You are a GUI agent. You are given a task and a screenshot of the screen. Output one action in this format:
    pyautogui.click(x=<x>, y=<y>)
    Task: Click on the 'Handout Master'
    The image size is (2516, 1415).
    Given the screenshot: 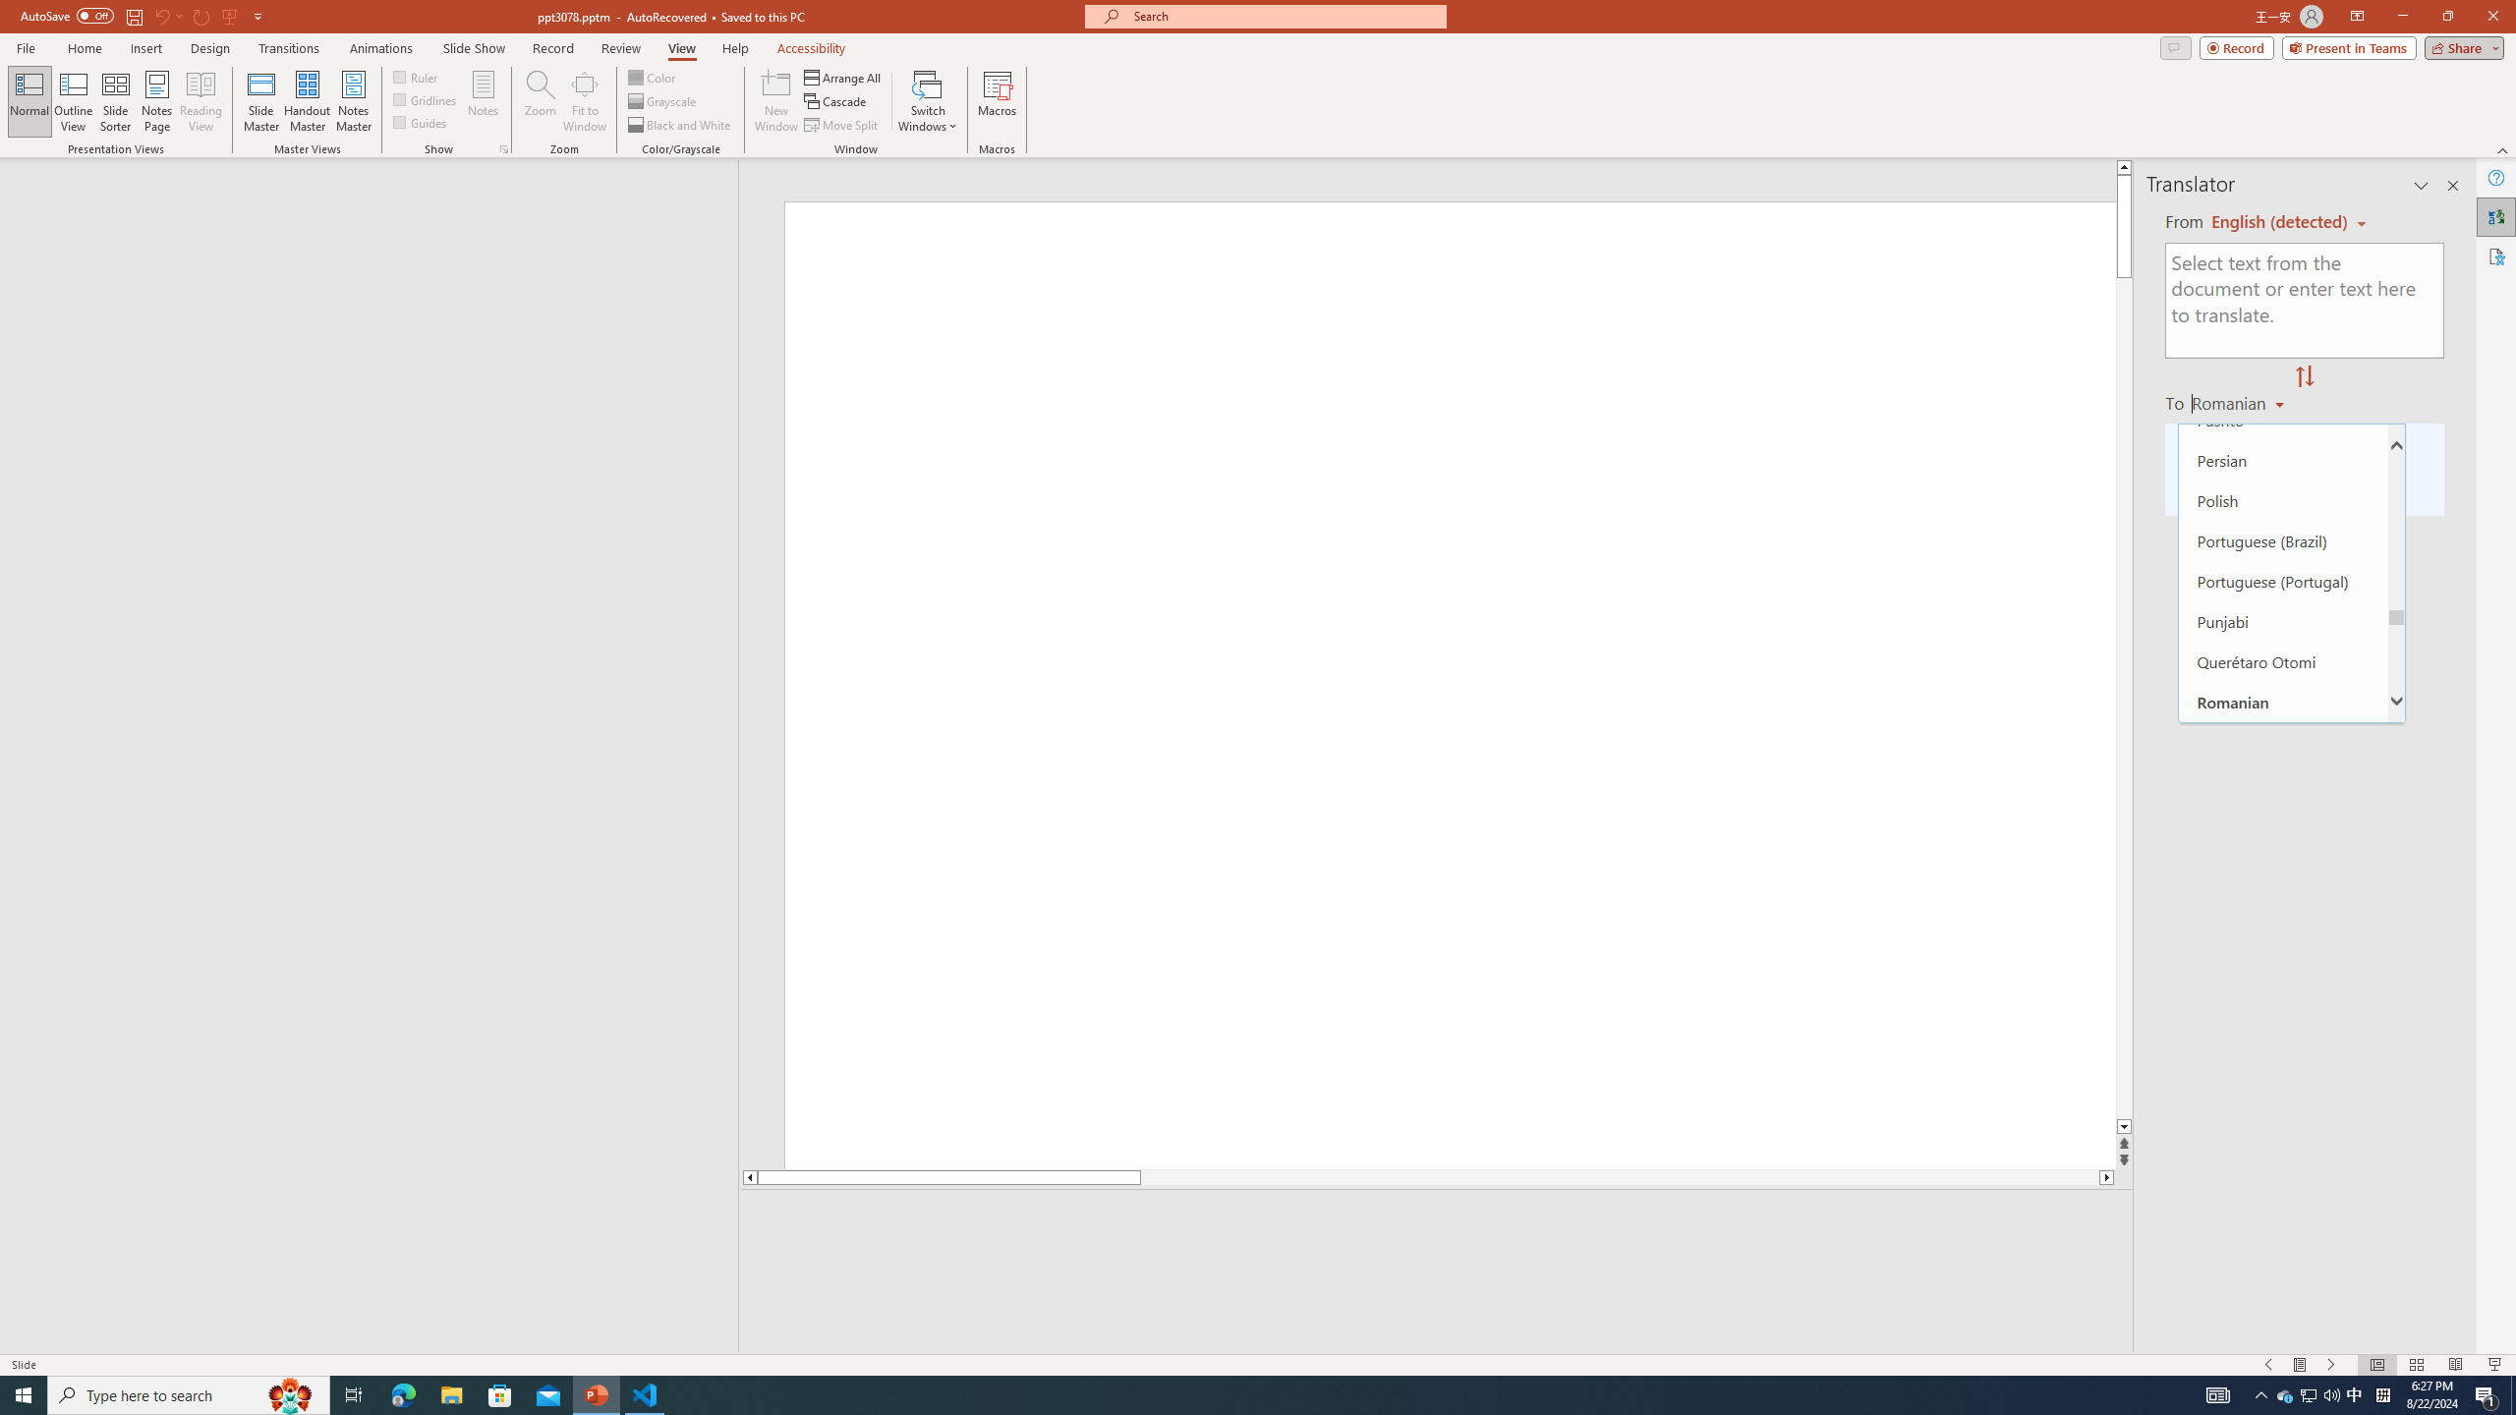 What is the action you would take?
    pyautogui.click(x=306, y=101)
    